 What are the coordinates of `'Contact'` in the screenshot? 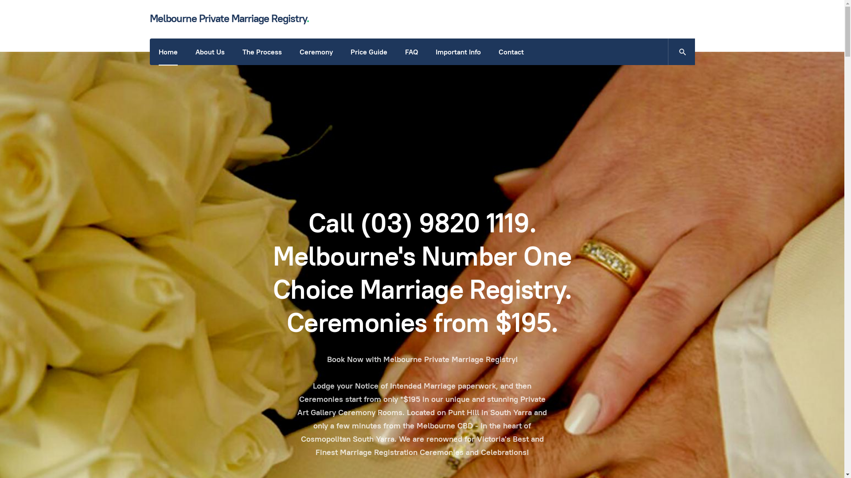 It's located at (511, 51).